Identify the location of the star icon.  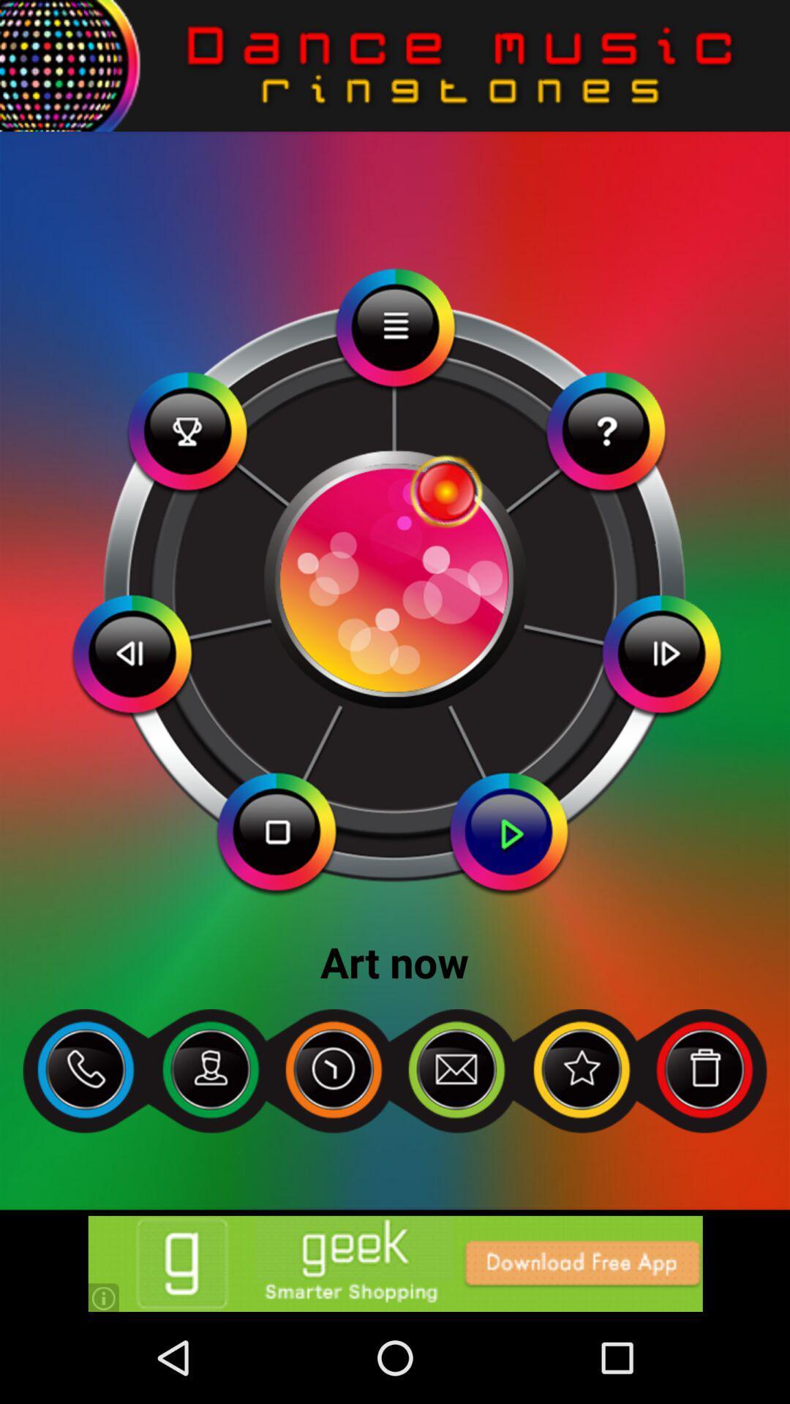
(580, 1145).